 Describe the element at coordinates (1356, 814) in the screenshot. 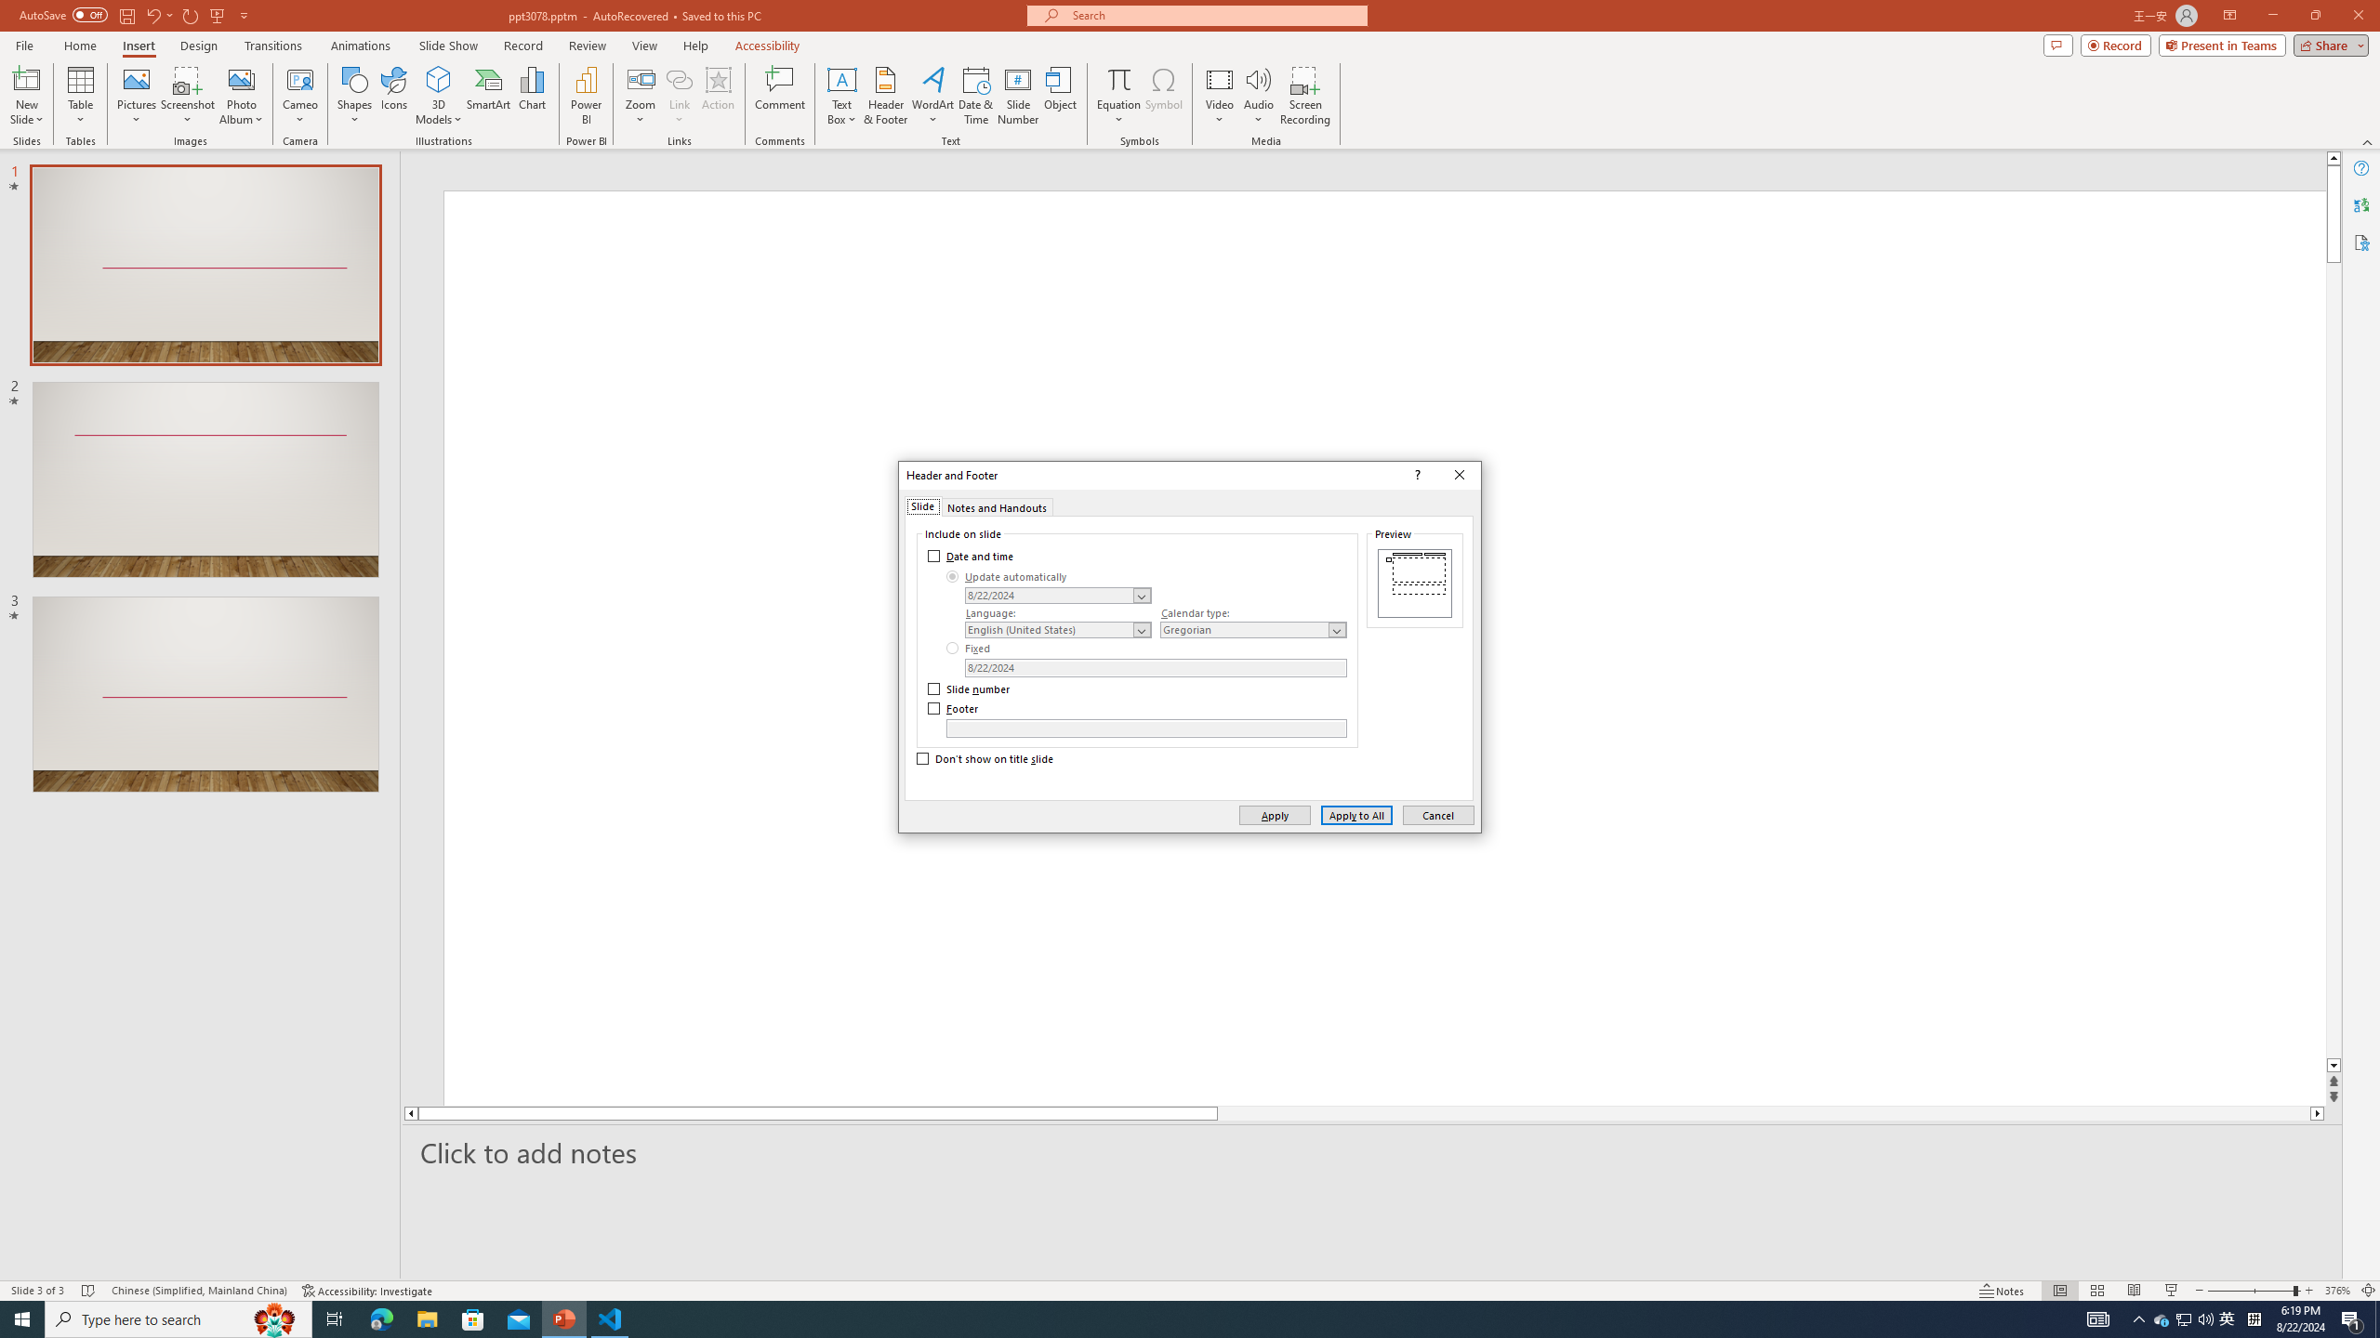

I see `'Apply to All'` at that location.